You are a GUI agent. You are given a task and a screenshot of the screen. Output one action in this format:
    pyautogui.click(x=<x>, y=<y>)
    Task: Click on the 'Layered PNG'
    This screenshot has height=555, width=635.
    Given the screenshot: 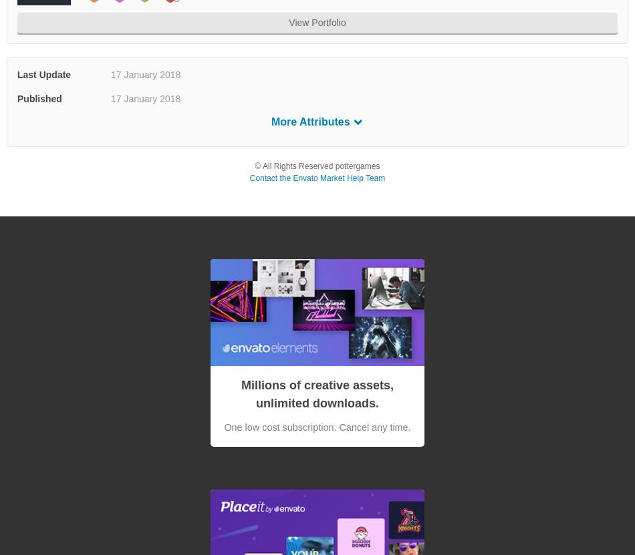 What is the action you would take?
    pyautogui.click(x=199, y=122)
    